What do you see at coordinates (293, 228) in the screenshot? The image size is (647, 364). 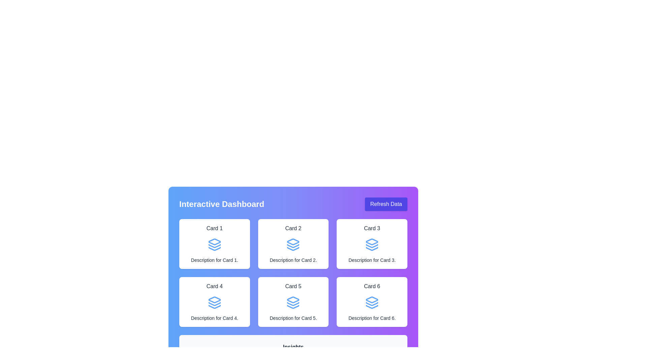 I see `the Text label displaying 'Card 2', which is styled with the 'font-medium mb-4' class and positioned at the top of the card identified as 'Card 2'` at bounding box center [293, 228].